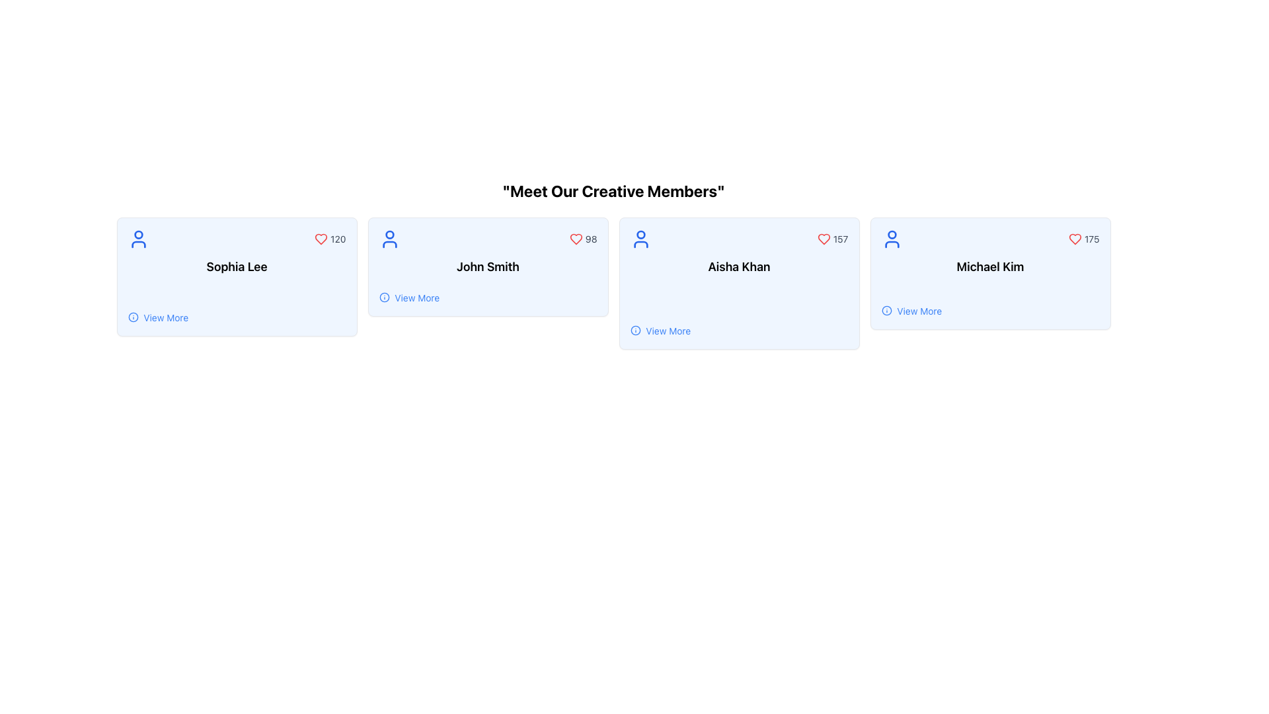  I want to click on the user profile icon located at the top left corner of the card for 'Aisha Khan', which is the third card from the left, so click(640, 239).